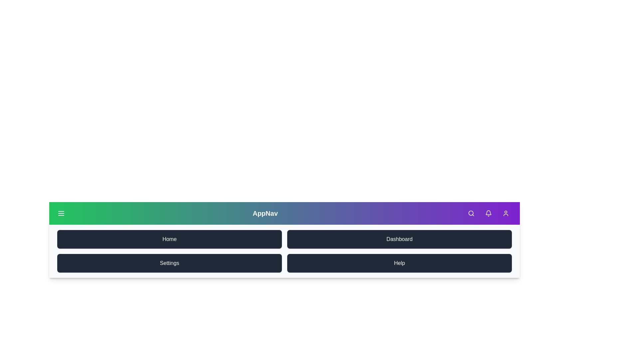 This screenshot has width=639, height=359. Describe the element at coordinates (489, 213) in the screenshot. I see `the Bell icon in the navigation bar` at that location.